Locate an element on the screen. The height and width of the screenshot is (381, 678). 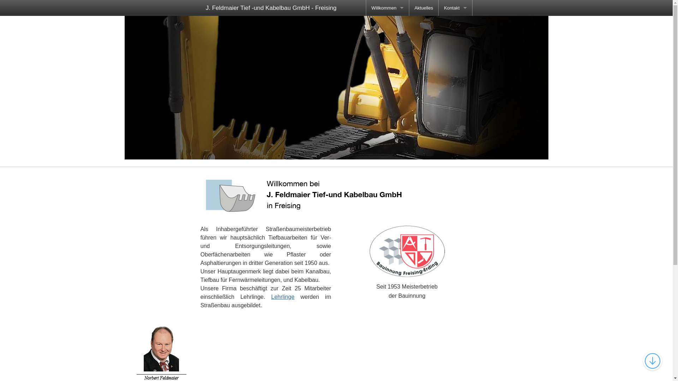
'Zertifikate' is located at coordinates (387, 40).